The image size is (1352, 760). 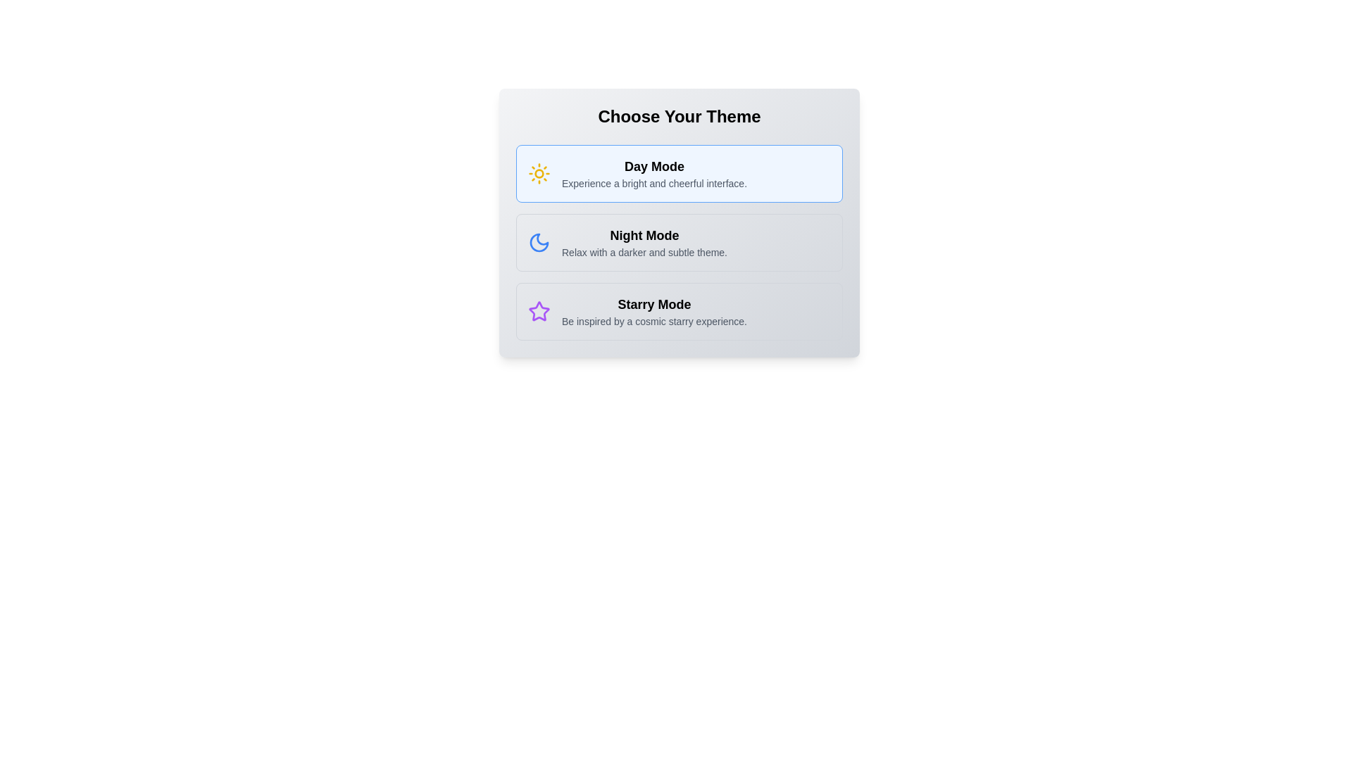 I want to click on the vibrant purple star-shaped icon located to the left of the 'Starry Mode' text block, so click(x=539, y=311).